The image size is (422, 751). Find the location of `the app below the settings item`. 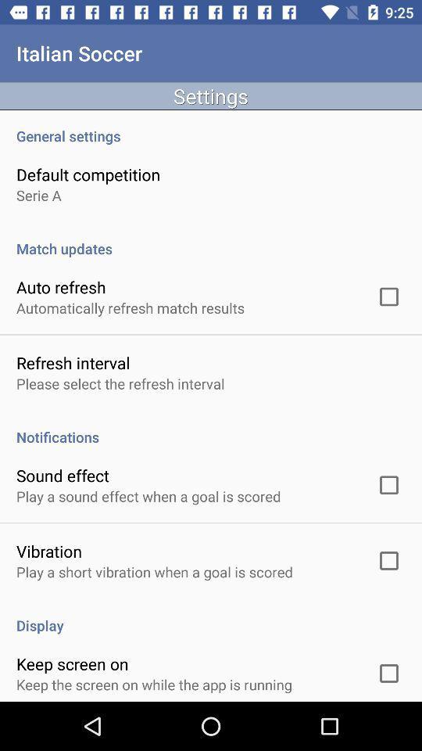

the app below the settings item is located at coordinates (211, 127).